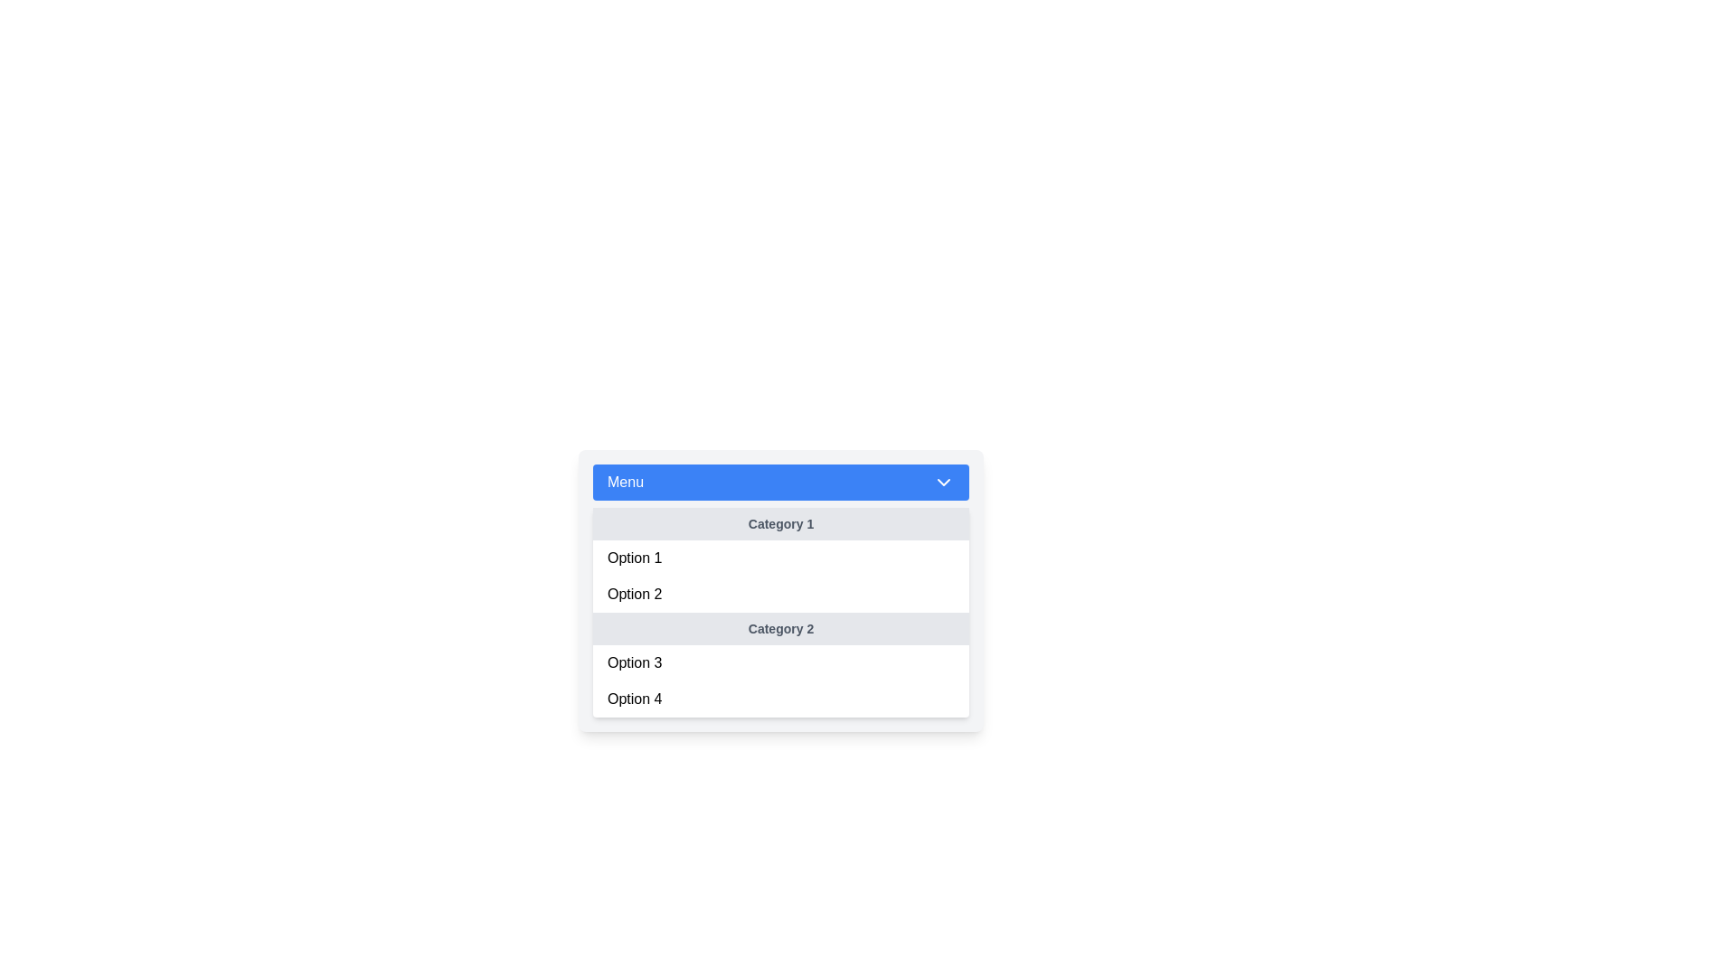 The image size is (1736, 976). Describe the element at coordinates (781, 627) in the screenshot. I see `the label with the text 'Category 2', which is a rectangular element with a light gray background and bold dark gray text, located in the dropdown menu` at that location.